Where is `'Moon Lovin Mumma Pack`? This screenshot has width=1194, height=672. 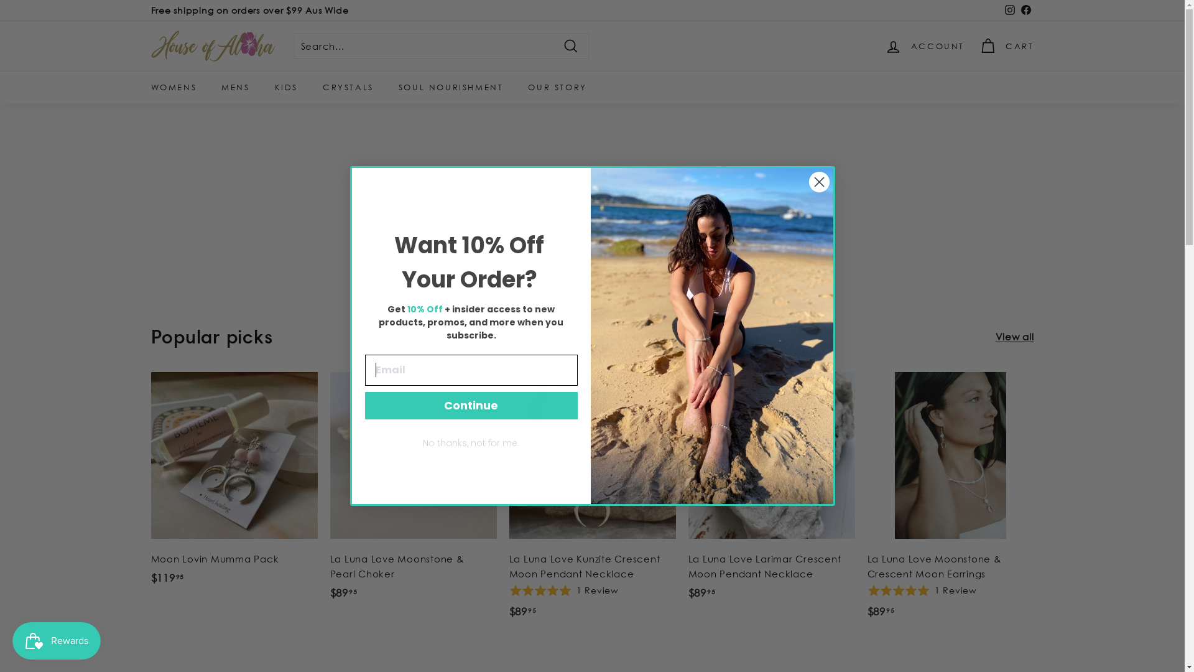
'Moon Lovin Mumma Pack is located at coordinates (233, 484).